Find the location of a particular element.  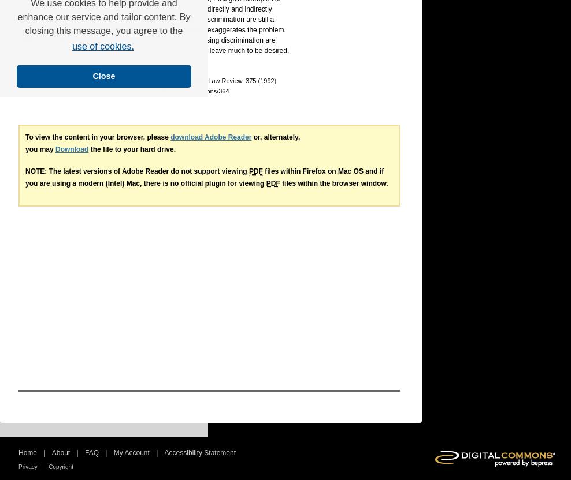

', 63 University of Colorado Law Review. 375

(1992)' is located at coordinates (203, 80).